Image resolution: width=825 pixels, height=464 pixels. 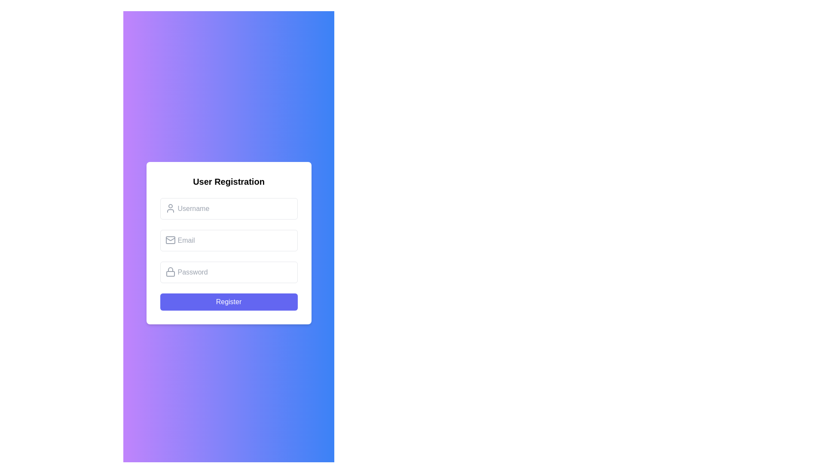 What do you see at coordinates (229, 240) in the screenshot?
I see `the email input field located below the 'Username' field and above the 'Password' field` at bounding box center [229, 240].